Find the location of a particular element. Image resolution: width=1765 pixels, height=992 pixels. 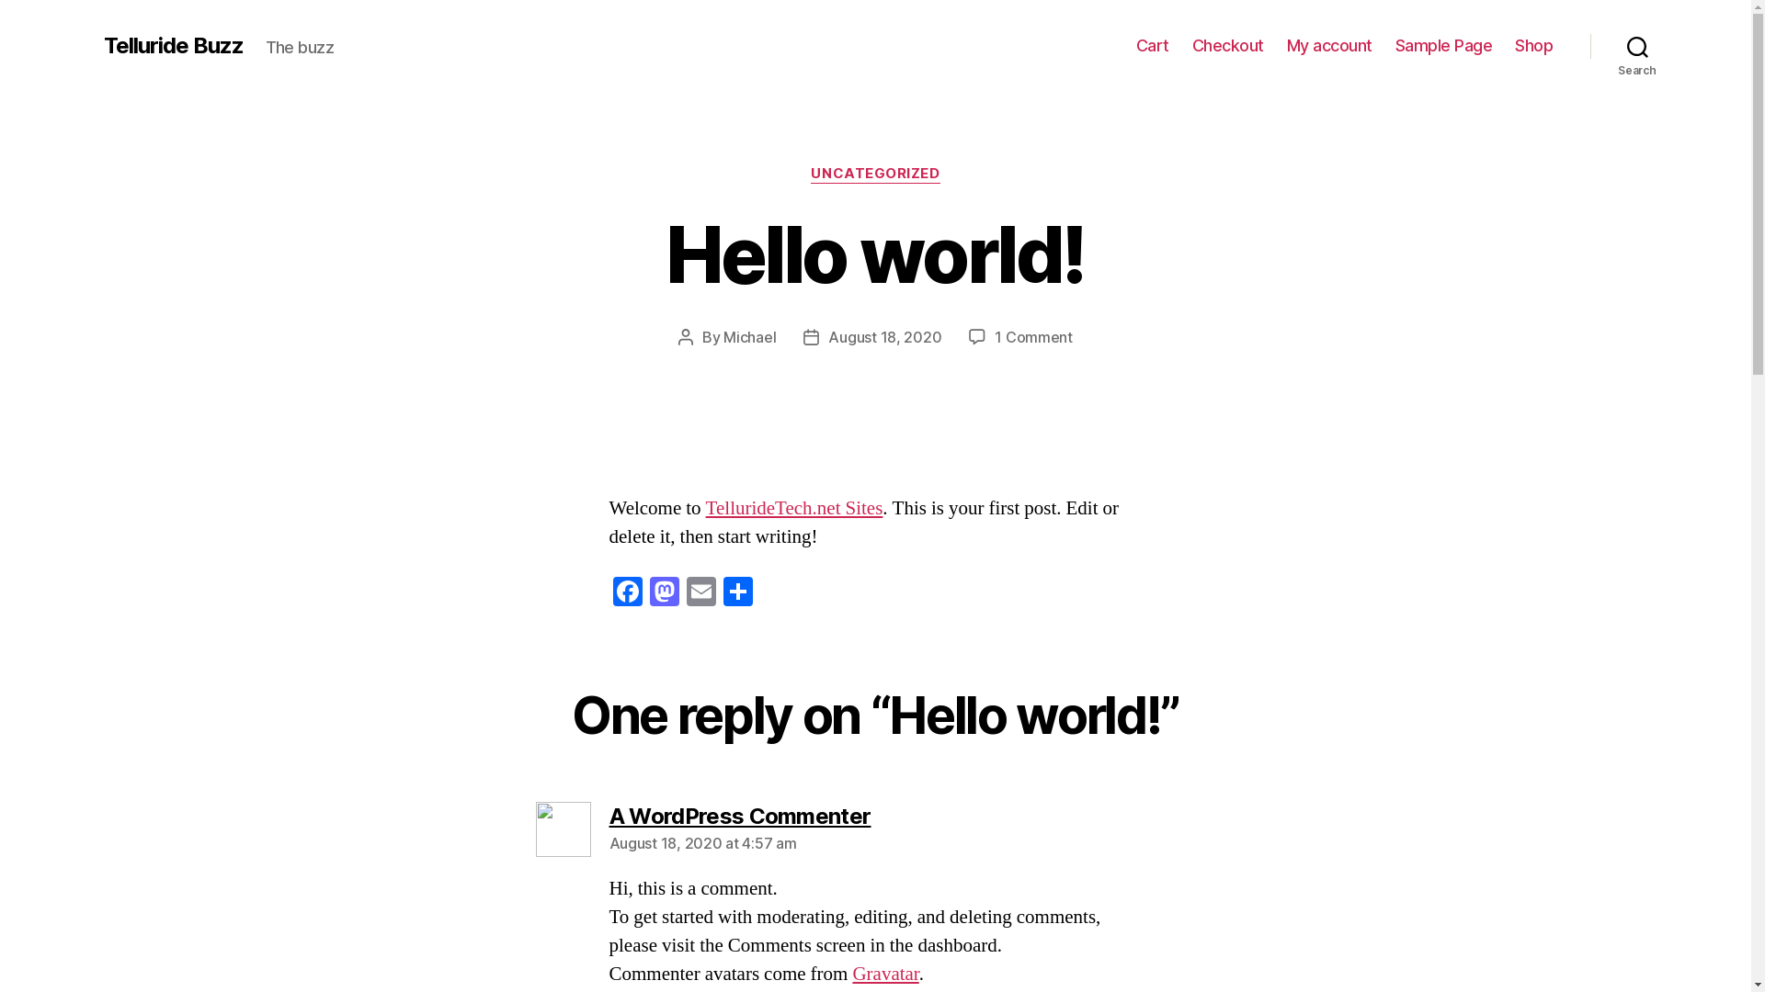

'Sample Page' is located at coordinates (1442, 45).